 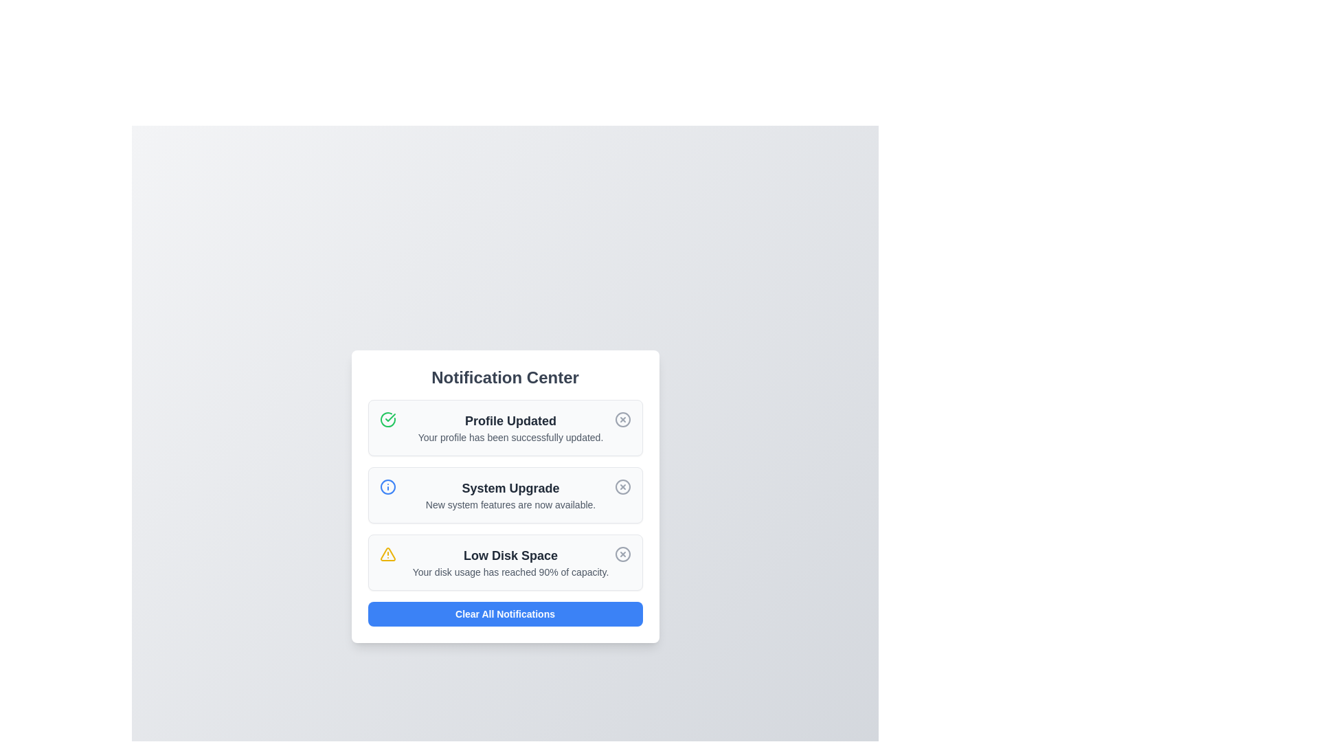 I want to click on the textual header 'Notification Center' which is styled in bold gray font and positioned at the top of the notification panel, so click(x=504, y=378).